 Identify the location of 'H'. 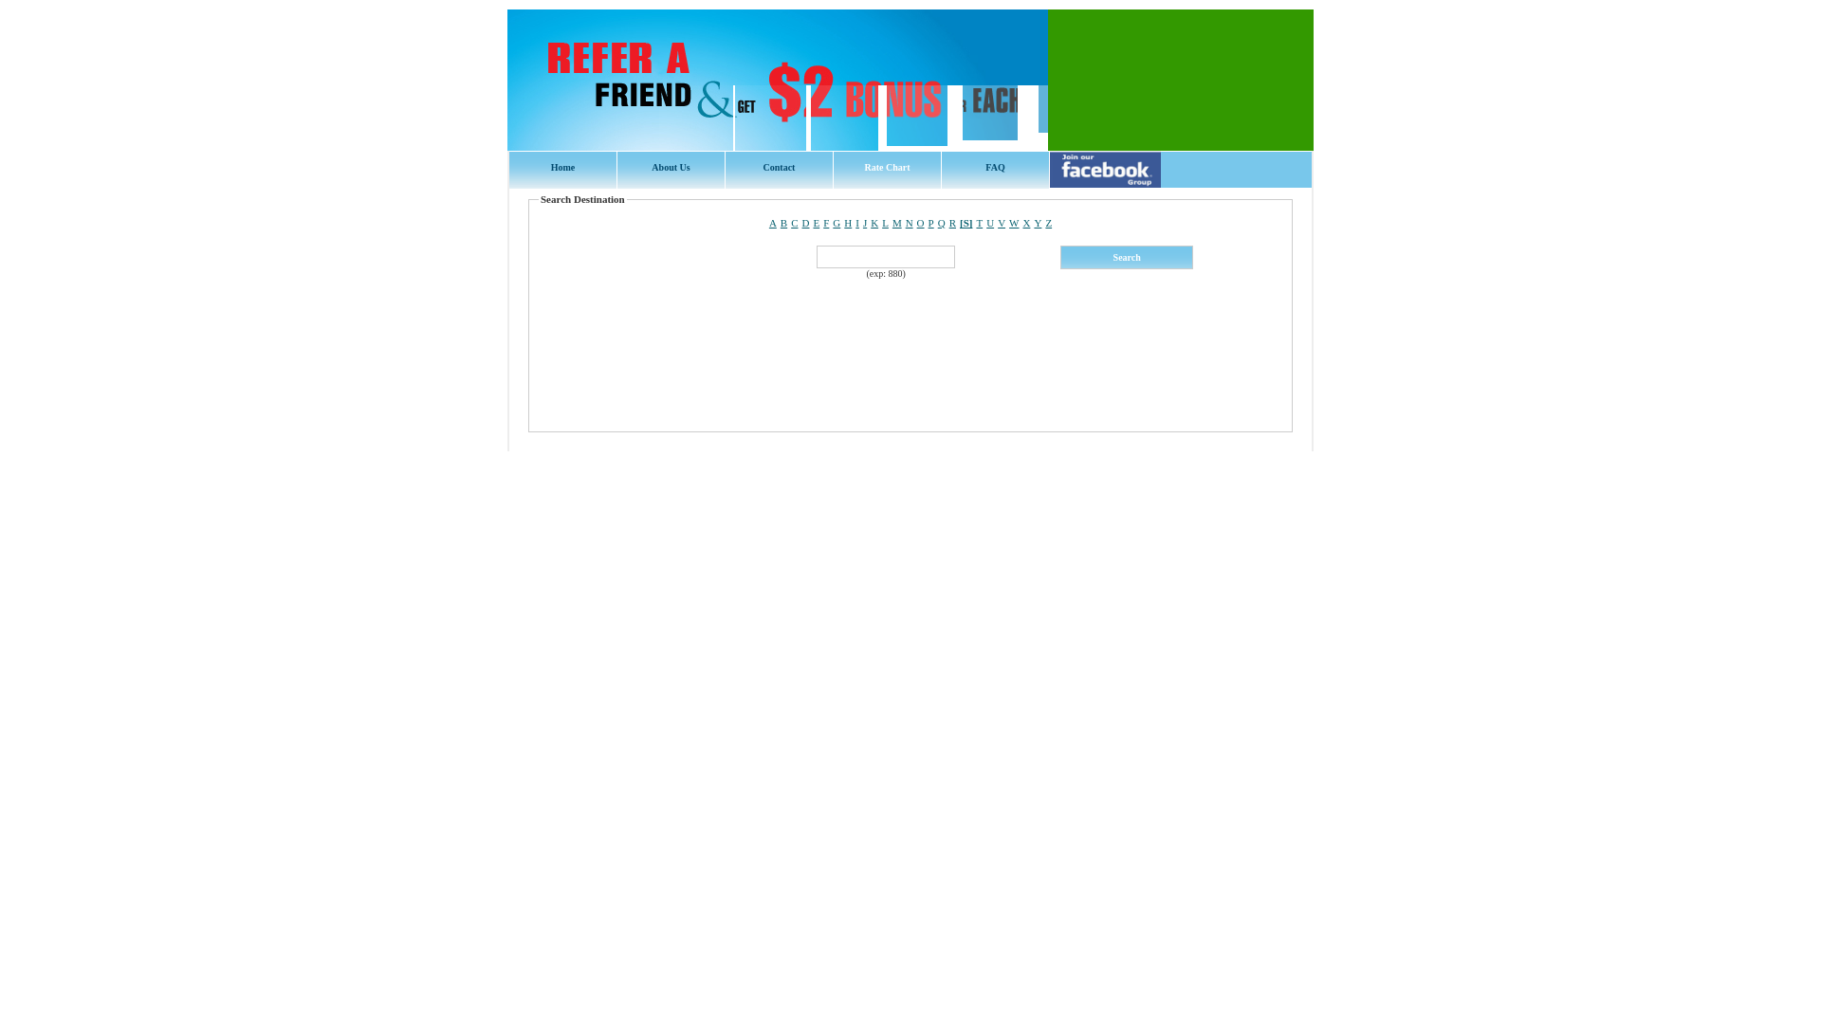
(842, 222).